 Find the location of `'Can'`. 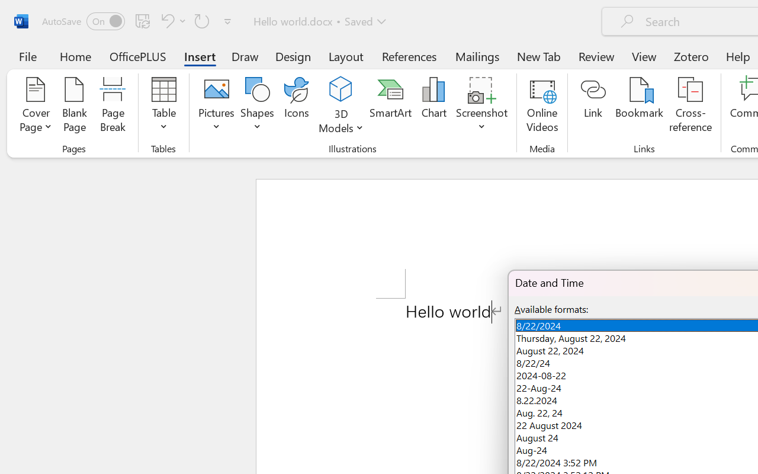

'Can' is located at coordinates (202, 20).